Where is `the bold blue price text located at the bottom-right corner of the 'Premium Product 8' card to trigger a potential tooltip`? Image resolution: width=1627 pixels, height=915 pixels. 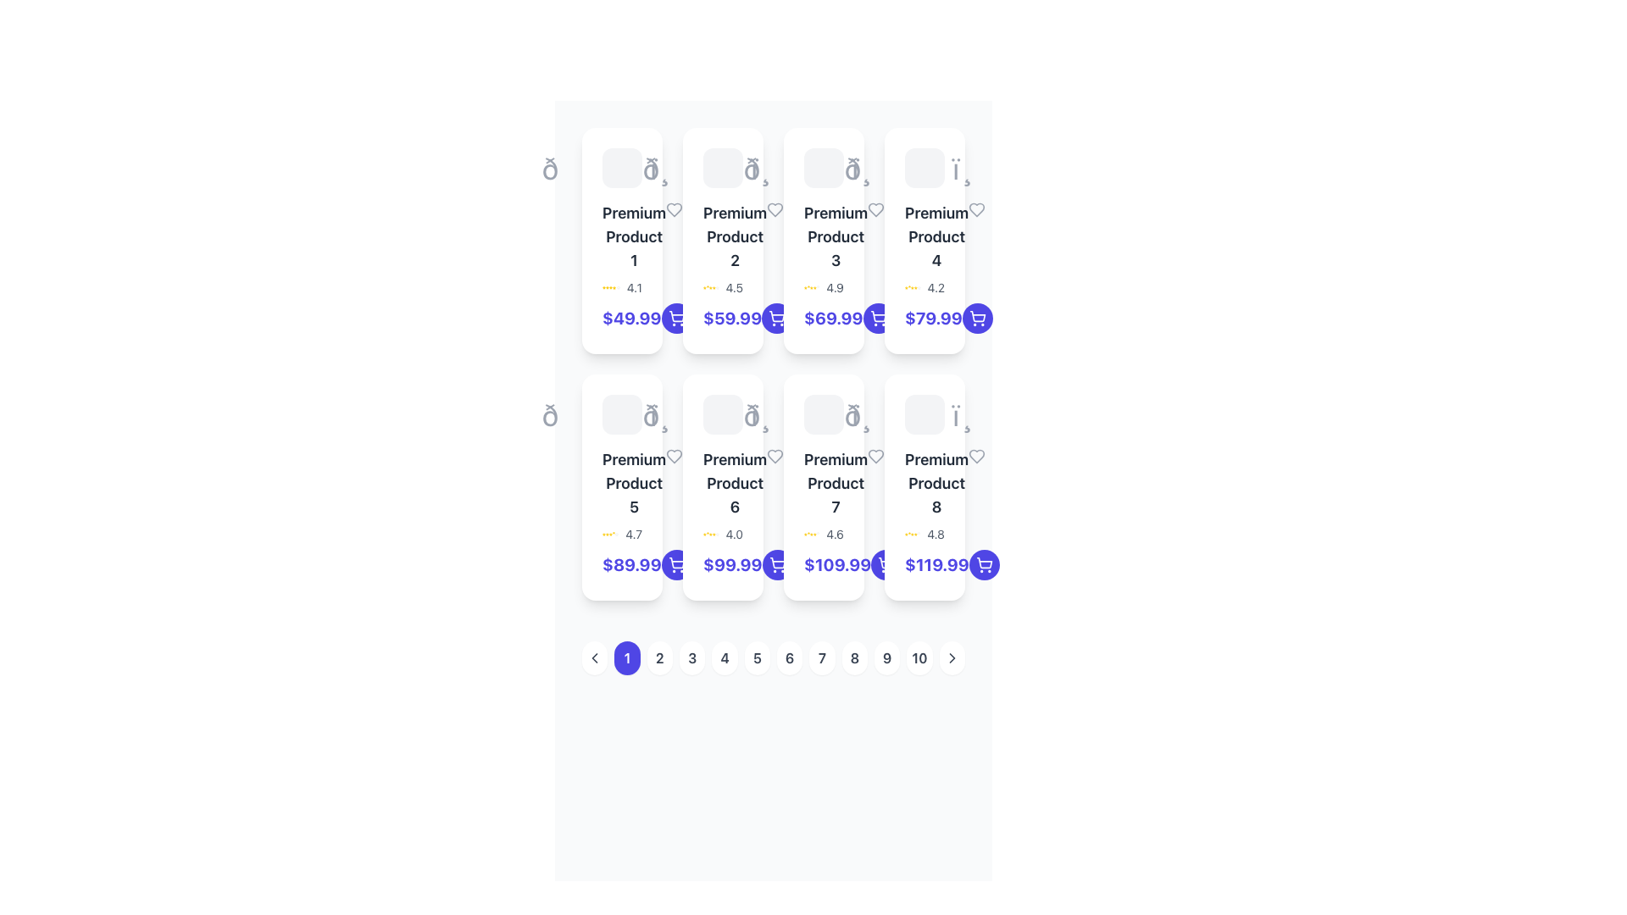
the bold blue price text located at the bottom-right corner of the 'Premium Product 8' card to trigger a potential tooltip is located at coordinates (924, 565).